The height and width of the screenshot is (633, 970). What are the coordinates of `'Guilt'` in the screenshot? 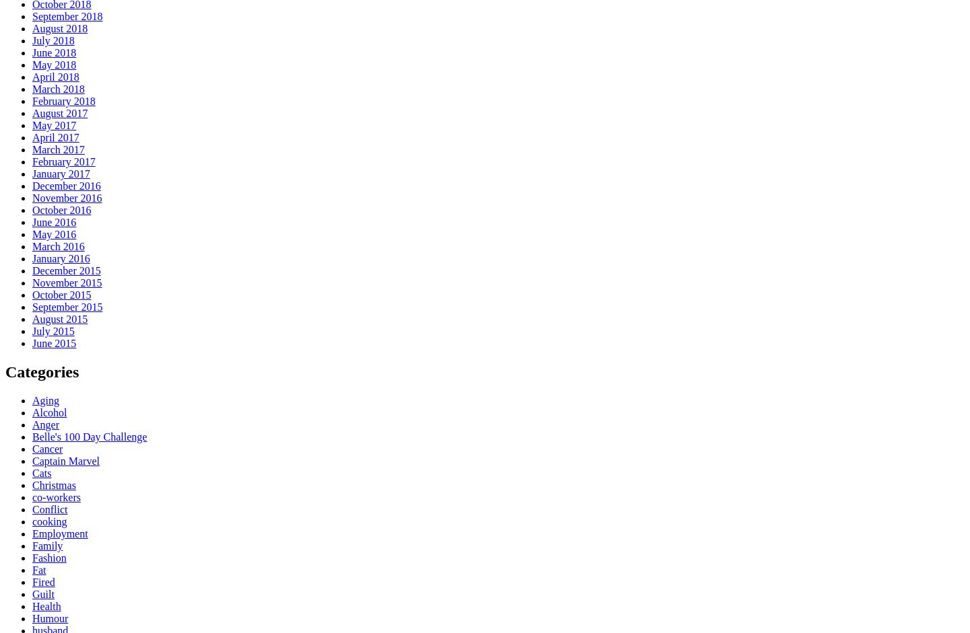 It's located at (31, 593).